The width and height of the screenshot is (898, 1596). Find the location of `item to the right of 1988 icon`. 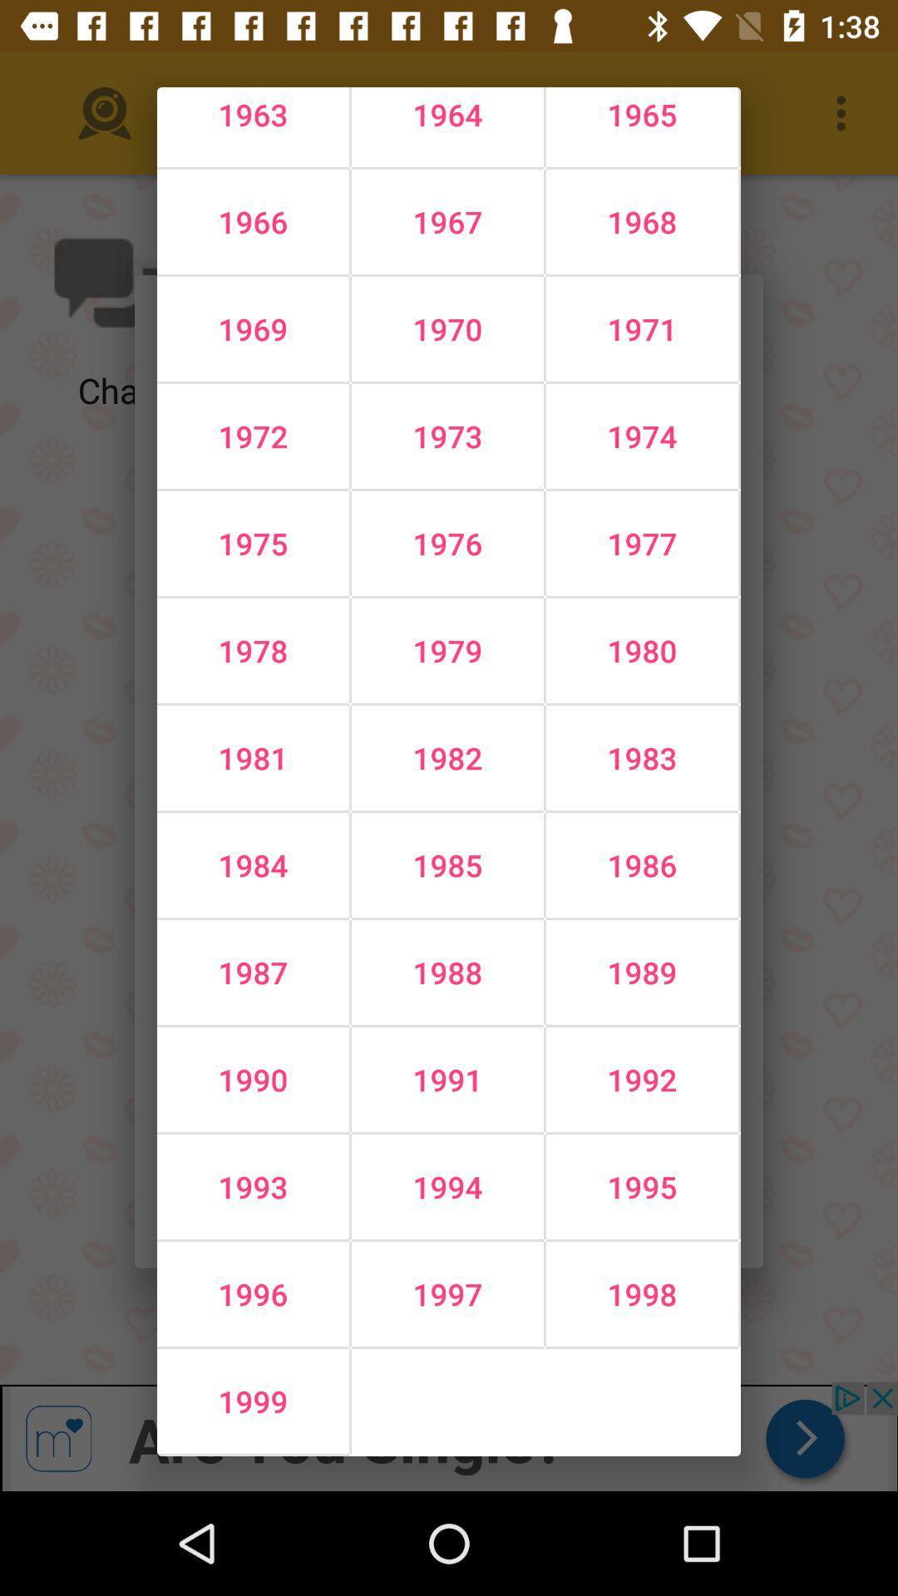

item to the right of 1988 icon is located at coordinates (641, 1080).